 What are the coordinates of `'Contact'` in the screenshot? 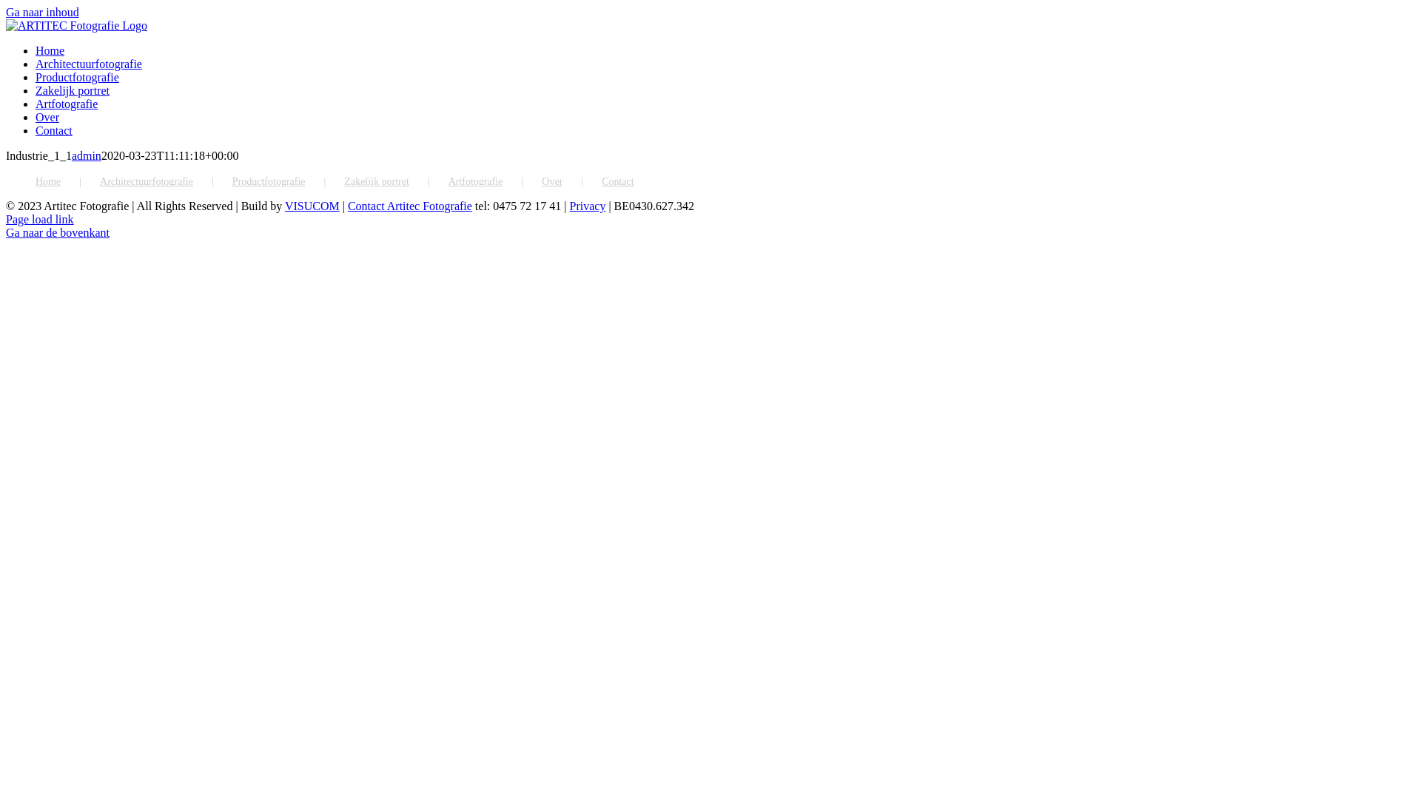 It's located at (53, 129).